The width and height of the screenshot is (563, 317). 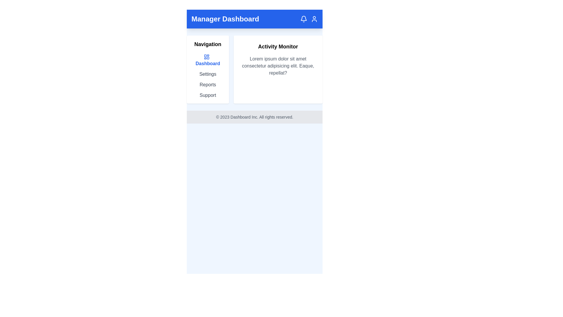 I want to click on the 'Reports' text label hyperlink in the navigation menu, so click(x=208, y=85).